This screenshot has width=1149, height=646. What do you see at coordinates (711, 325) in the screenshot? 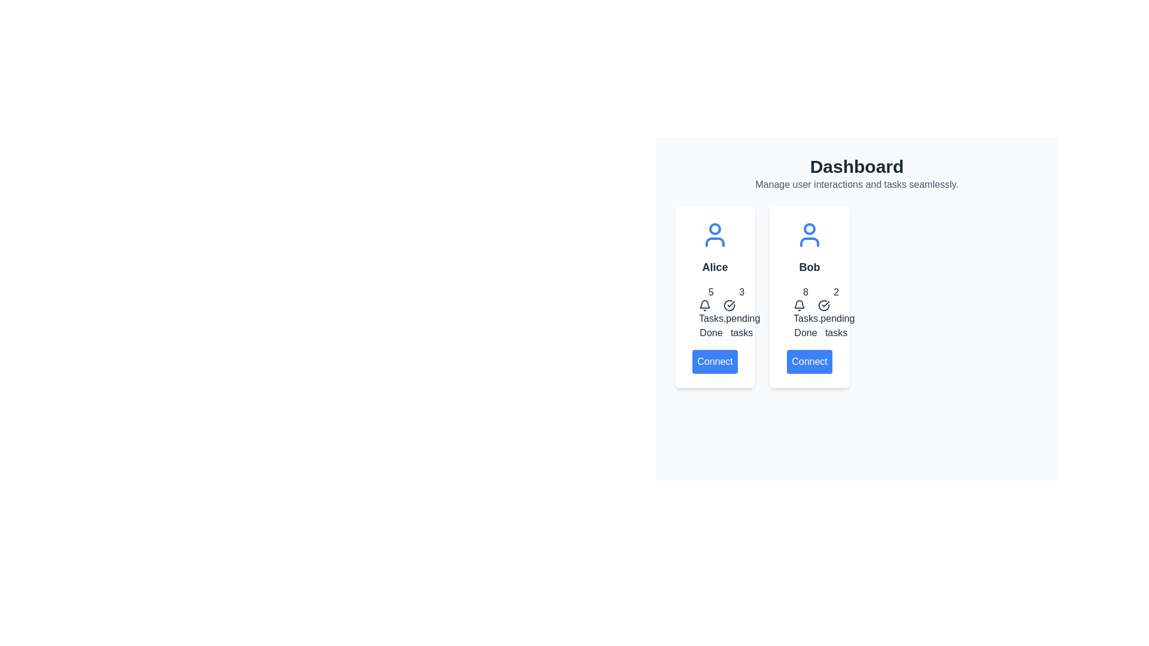
I see `the 'Tasks Done' text element located within Alice's user card, which appears below the numeric value '5' and a bell icon` at bounding box center [711, 325].